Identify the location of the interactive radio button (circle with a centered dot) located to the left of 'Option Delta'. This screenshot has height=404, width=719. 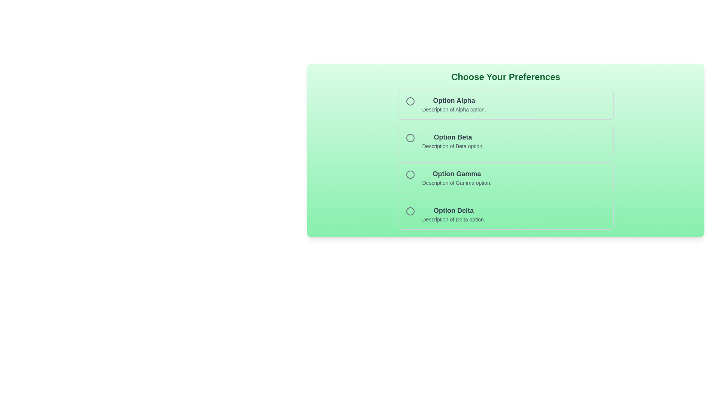
(410, 211).